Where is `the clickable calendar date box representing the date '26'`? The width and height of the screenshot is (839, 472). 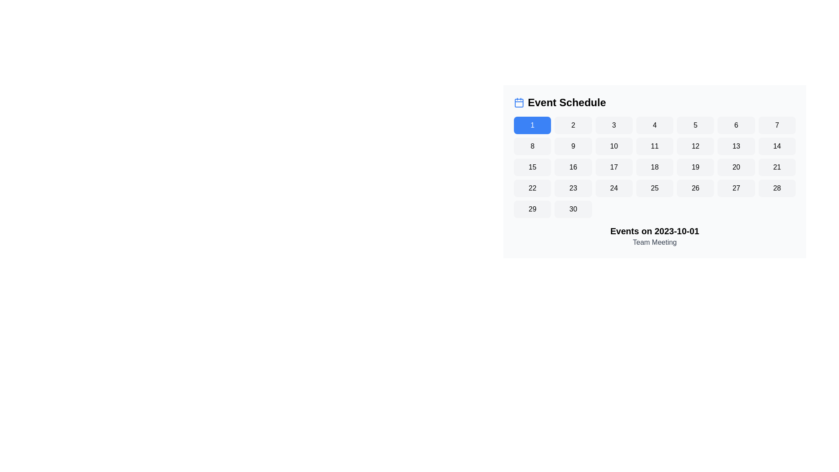 the clickable calendar date box representing the date '26' is located at coordinates (695, 188).